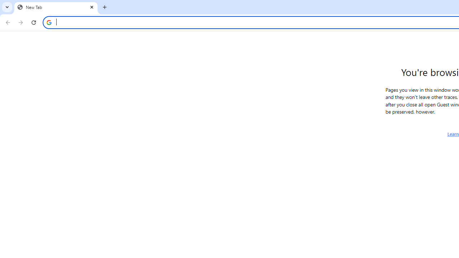  I want to click on 'Search icon', so click(48, 22).